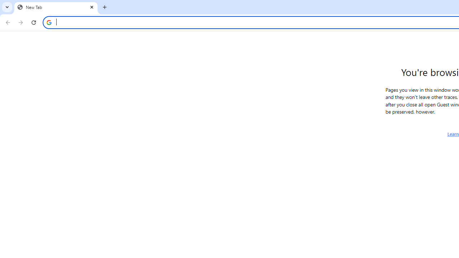  I want to click on 'Search icon', so click(48, 22).